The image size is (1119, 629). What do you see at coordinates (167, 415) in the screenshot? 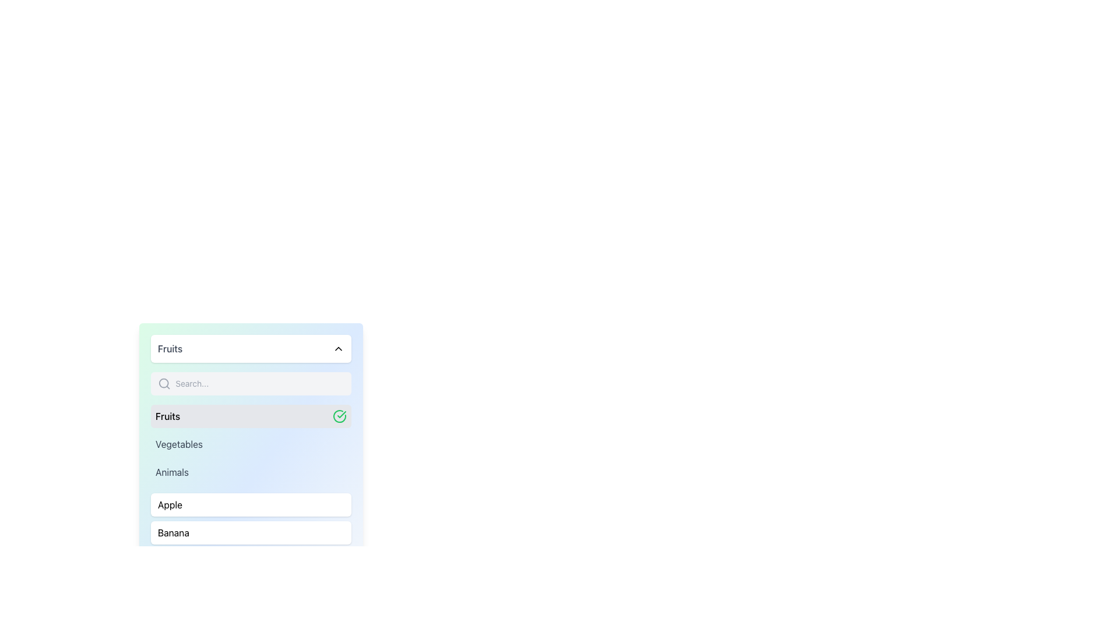
I see `'Fruits' label in the dropdown selection menu, which indicates the currently selected category` at bounding box center [167, 415].